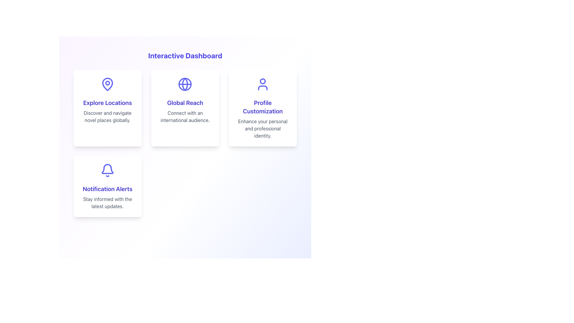 This screenshot has width=574, height=323. Describe the element at coordinates (263, 81) in the screenshot. I see `the circular SVG element that represents the user profile icon, located at the top area of the icon within the 'Profile Customization' section` at that location.